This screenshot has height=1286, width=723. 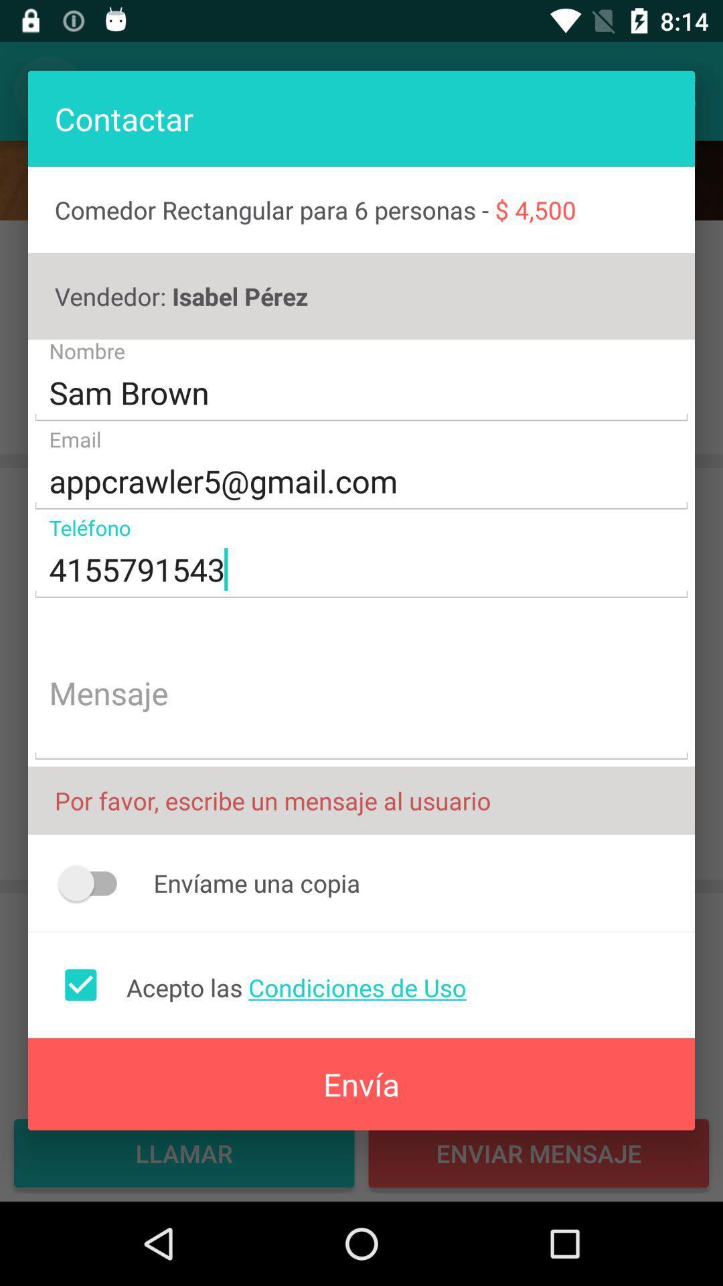 What do you see at coordinates (80, 985) in the screenshot?
I see `icon next to the acepto las condiciones item` at bounding box center [80, 985].